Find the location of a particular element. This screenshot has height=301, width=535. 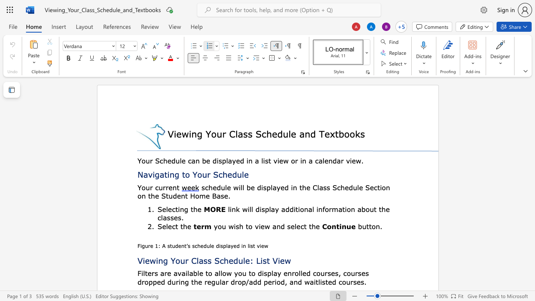

the space between the continuous character "d" and "d" in the text is located at coordinates (257, 282).